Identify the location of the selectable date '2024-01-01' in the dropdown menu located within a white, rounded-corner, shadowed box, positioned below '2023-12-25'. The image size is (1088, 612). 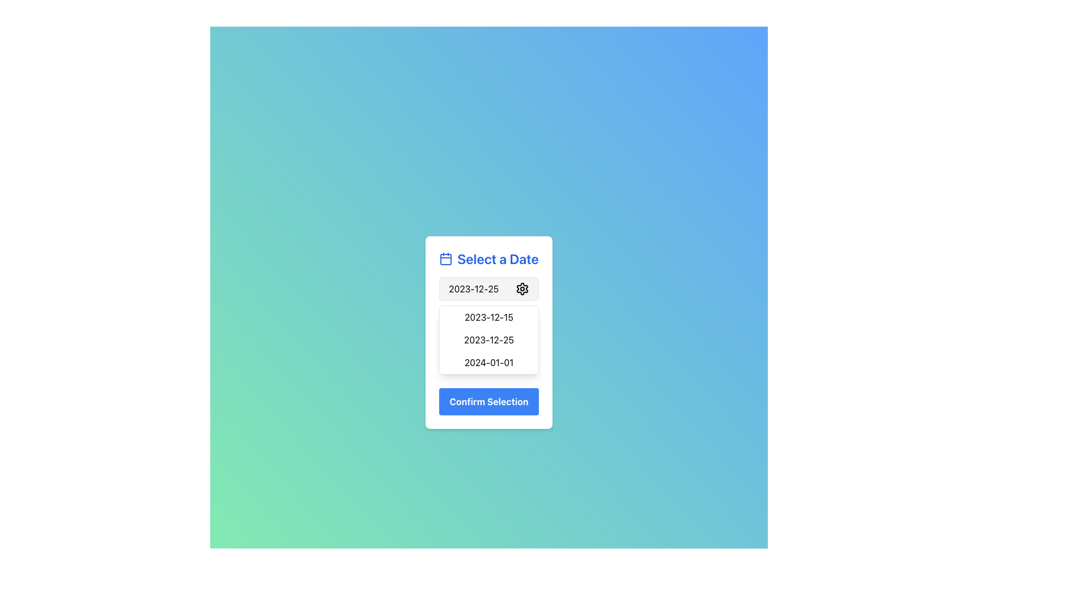
(489, 363).